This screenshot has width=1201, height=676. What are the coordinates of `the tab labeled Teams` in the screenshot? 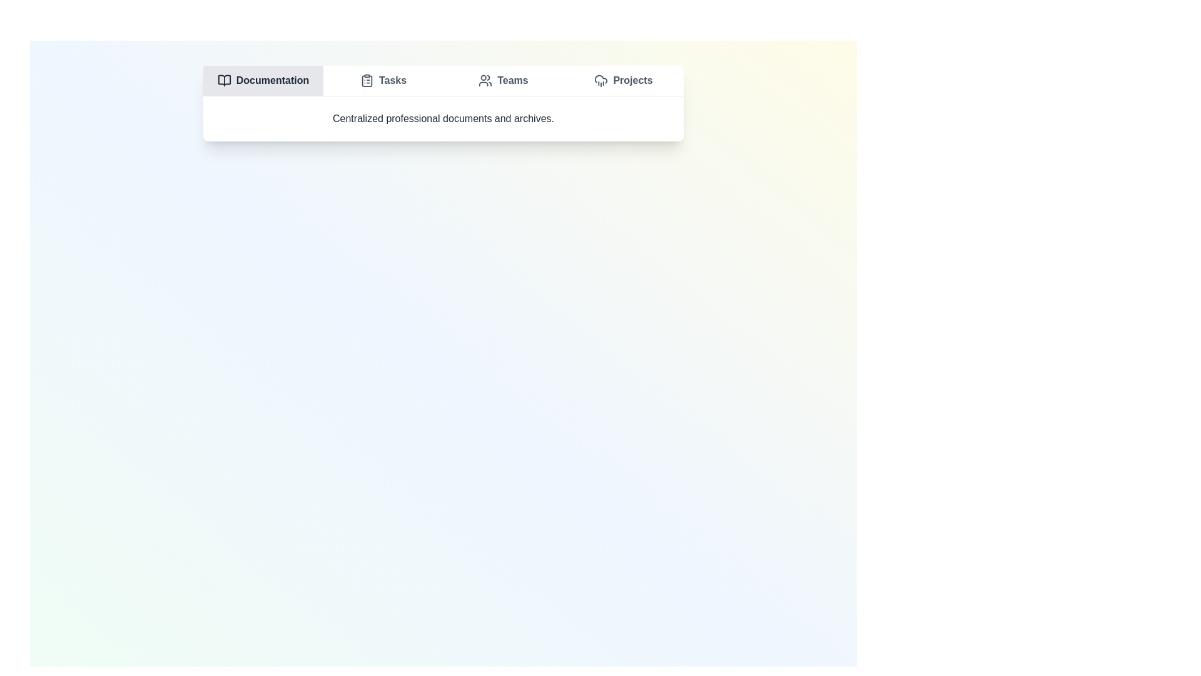 It's located at (504, 80).